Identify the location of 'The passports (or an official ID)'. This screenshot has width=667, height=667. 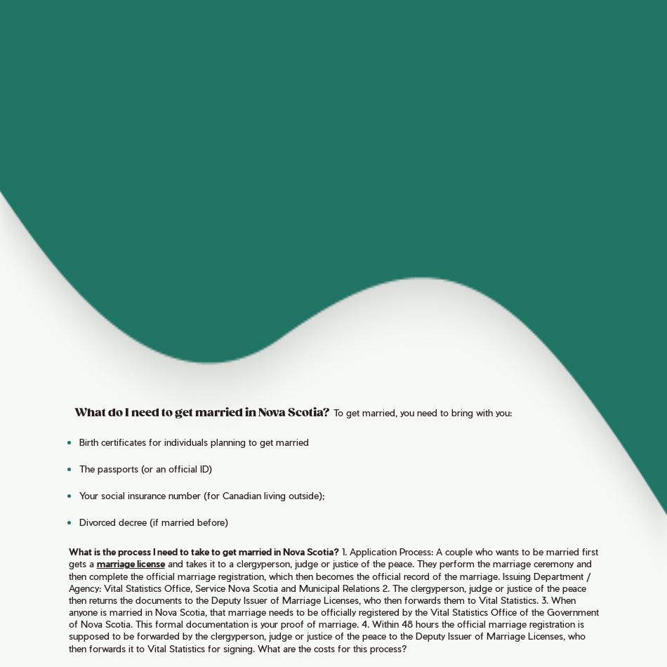
(145, 468).